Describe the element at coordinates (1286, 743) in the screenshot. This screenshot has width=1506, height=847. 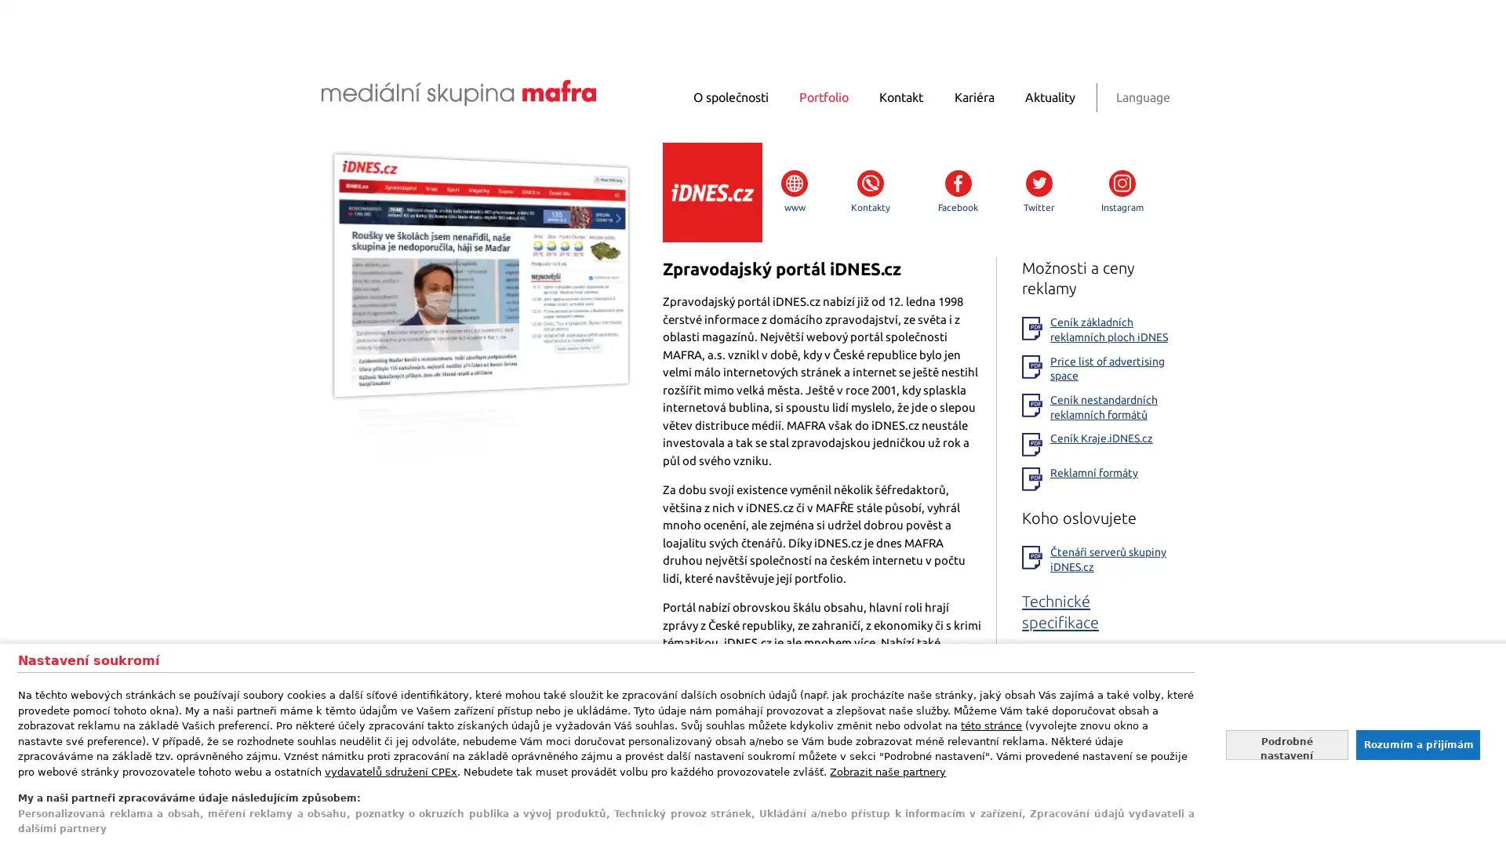
I see `Nastavte sve souhlasy` at that location.